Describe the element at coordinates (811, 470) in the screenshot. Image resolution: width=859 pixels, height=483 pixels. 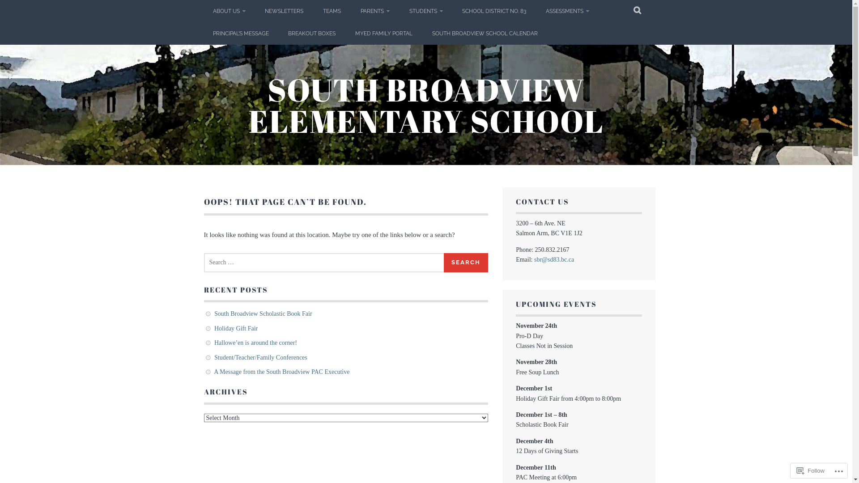
I see `'Follow'` at that location.